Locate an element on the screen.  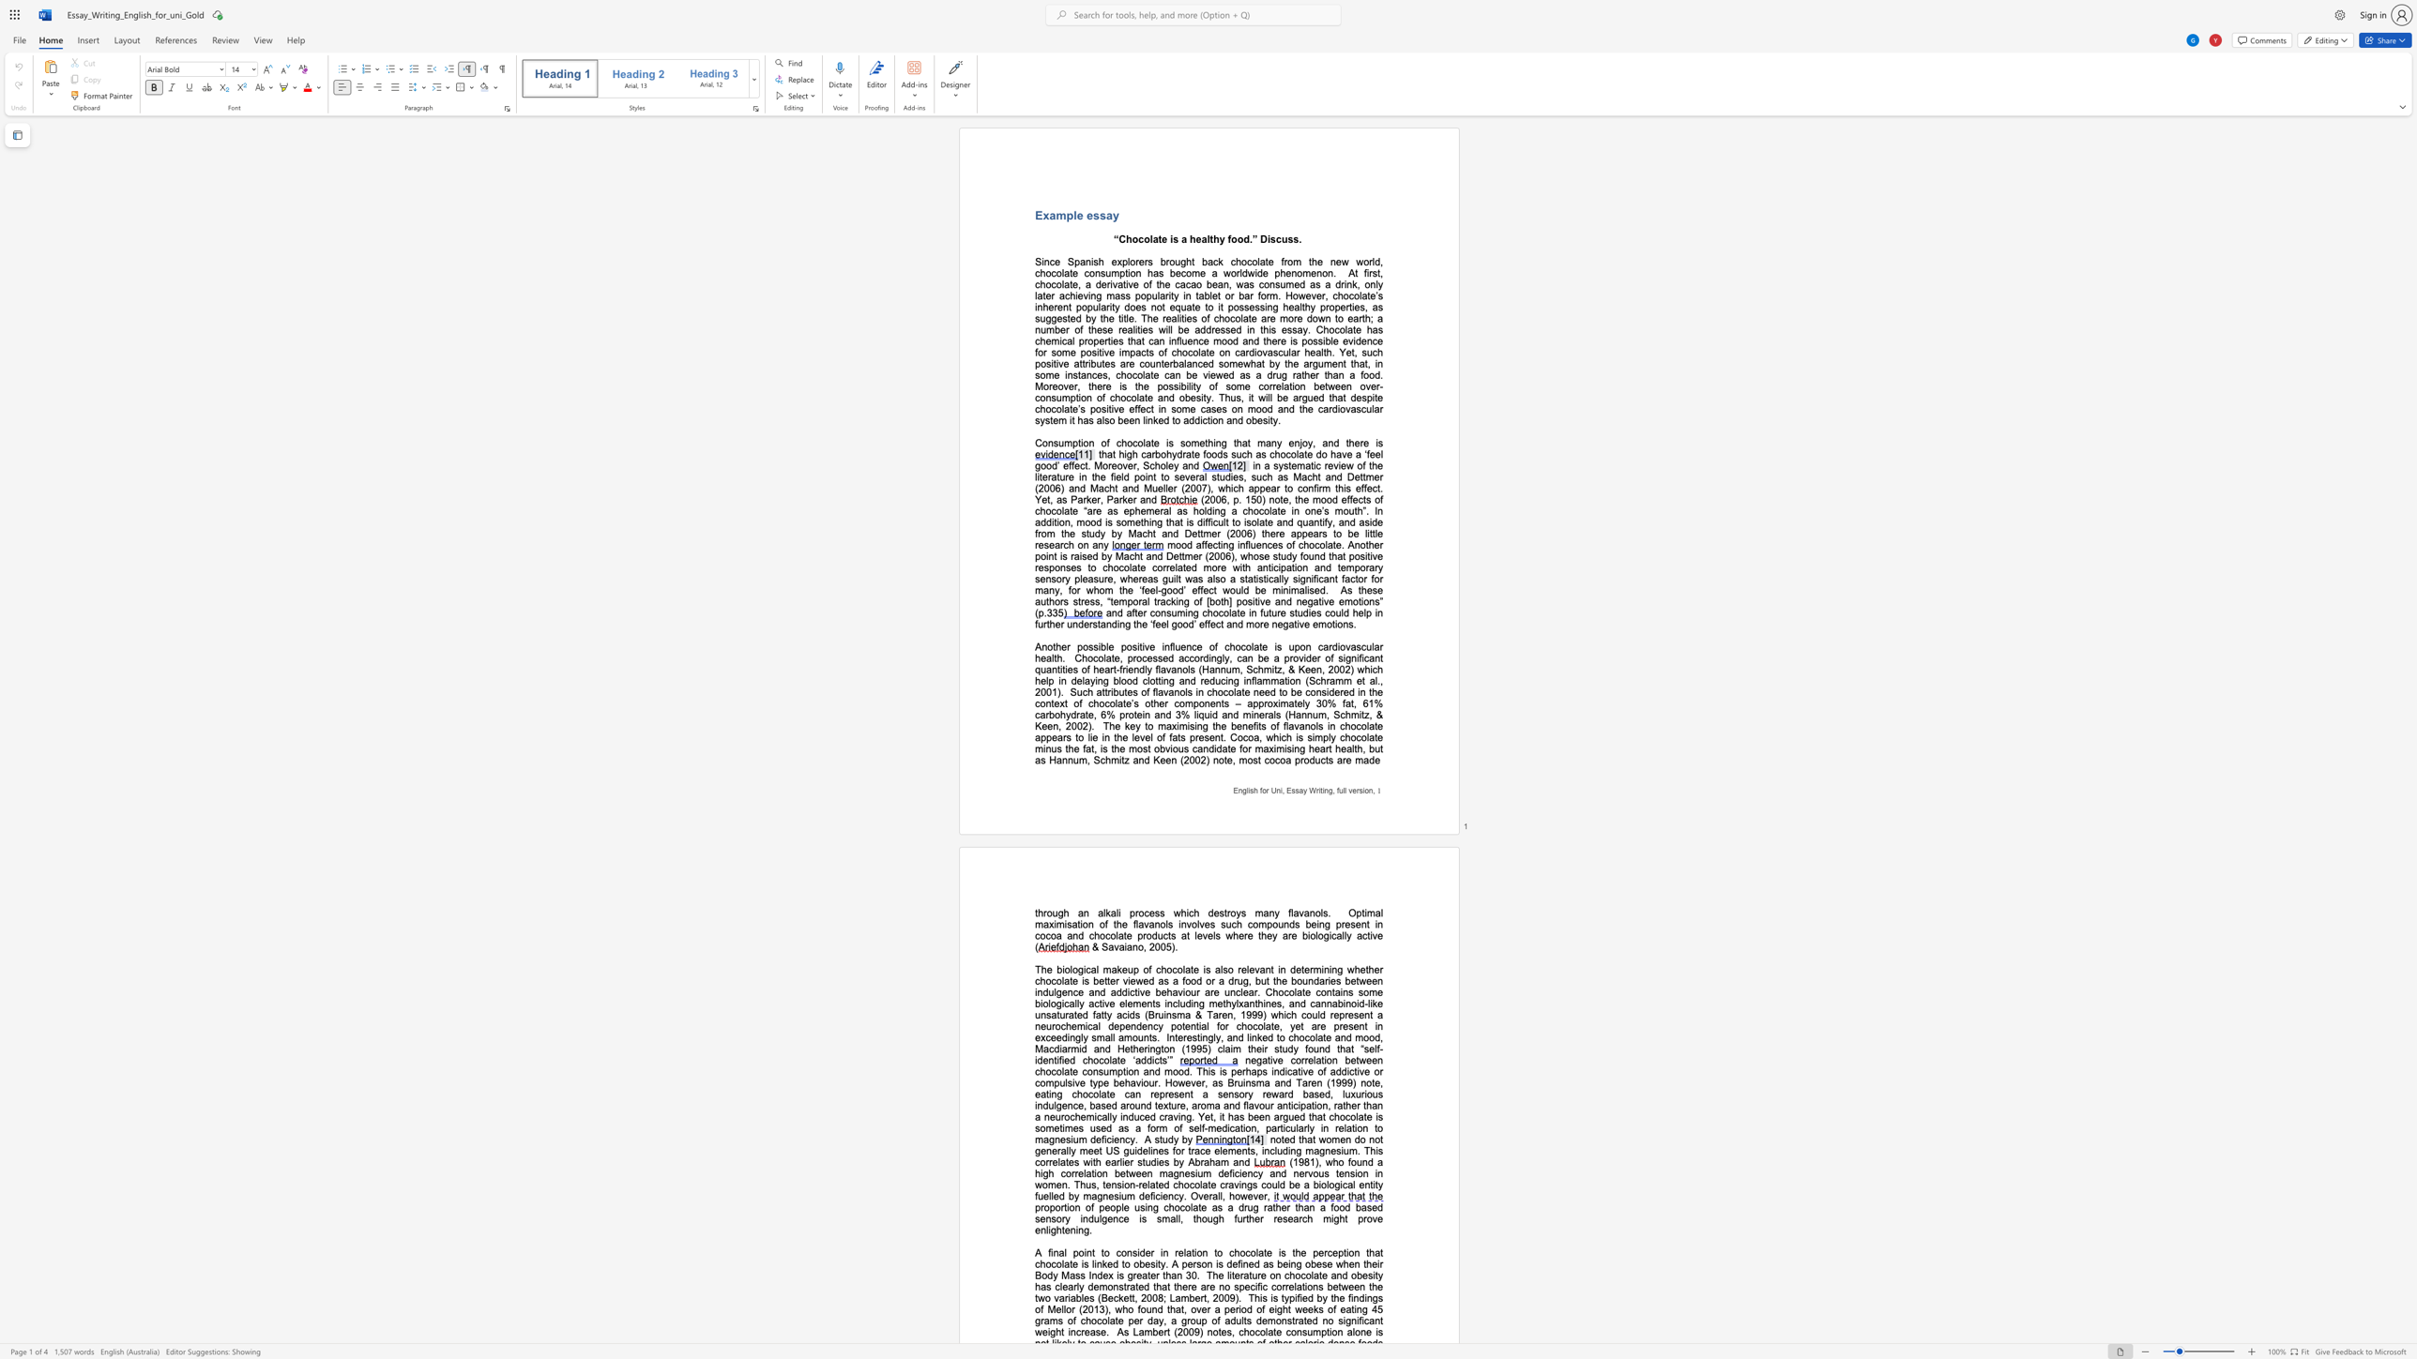
the subset text "in" within the text "A final point" is located at coordinates (1084, 1251).